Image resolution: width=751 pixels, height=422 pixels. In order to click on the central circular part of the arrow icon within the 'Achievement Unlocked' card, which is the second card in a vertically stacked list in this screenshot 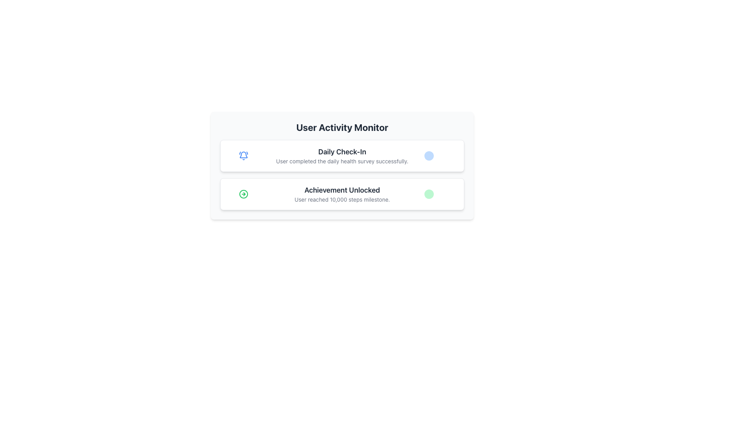, I will do `click(243, 194)`.